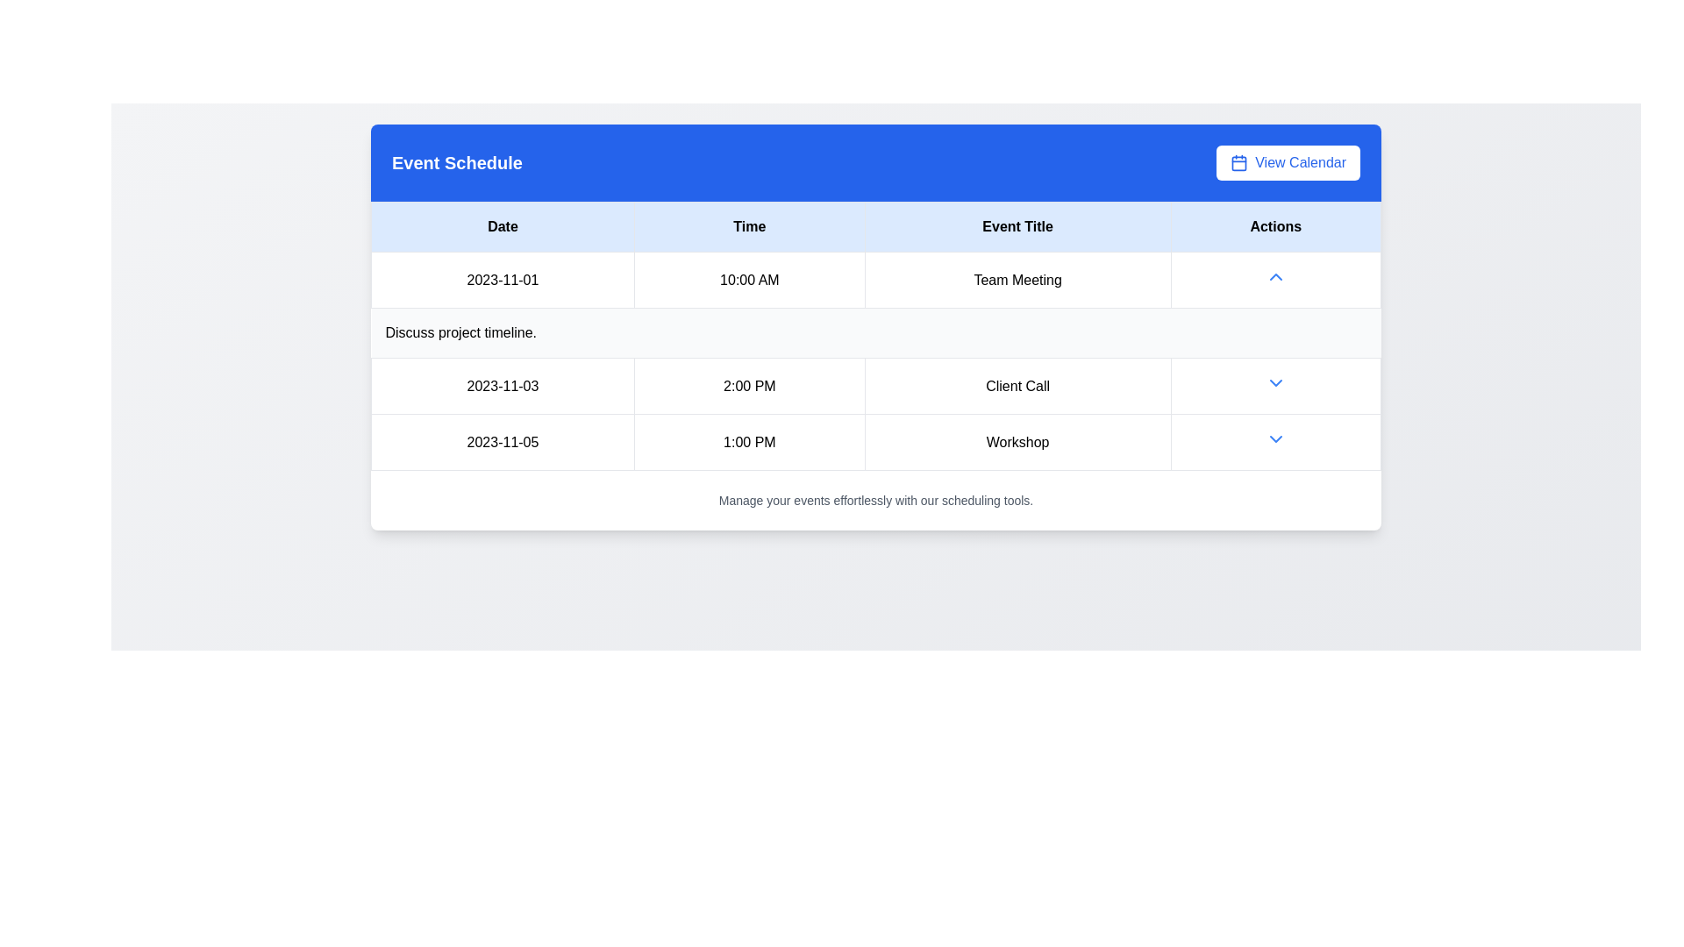  Describe the element at coordinates (1238, 163) in the screenshot. I see `the SVG Rectangle that is part of the calendar icon located next to the 'View Calendar' button in the top-right corner of the header` at that location.